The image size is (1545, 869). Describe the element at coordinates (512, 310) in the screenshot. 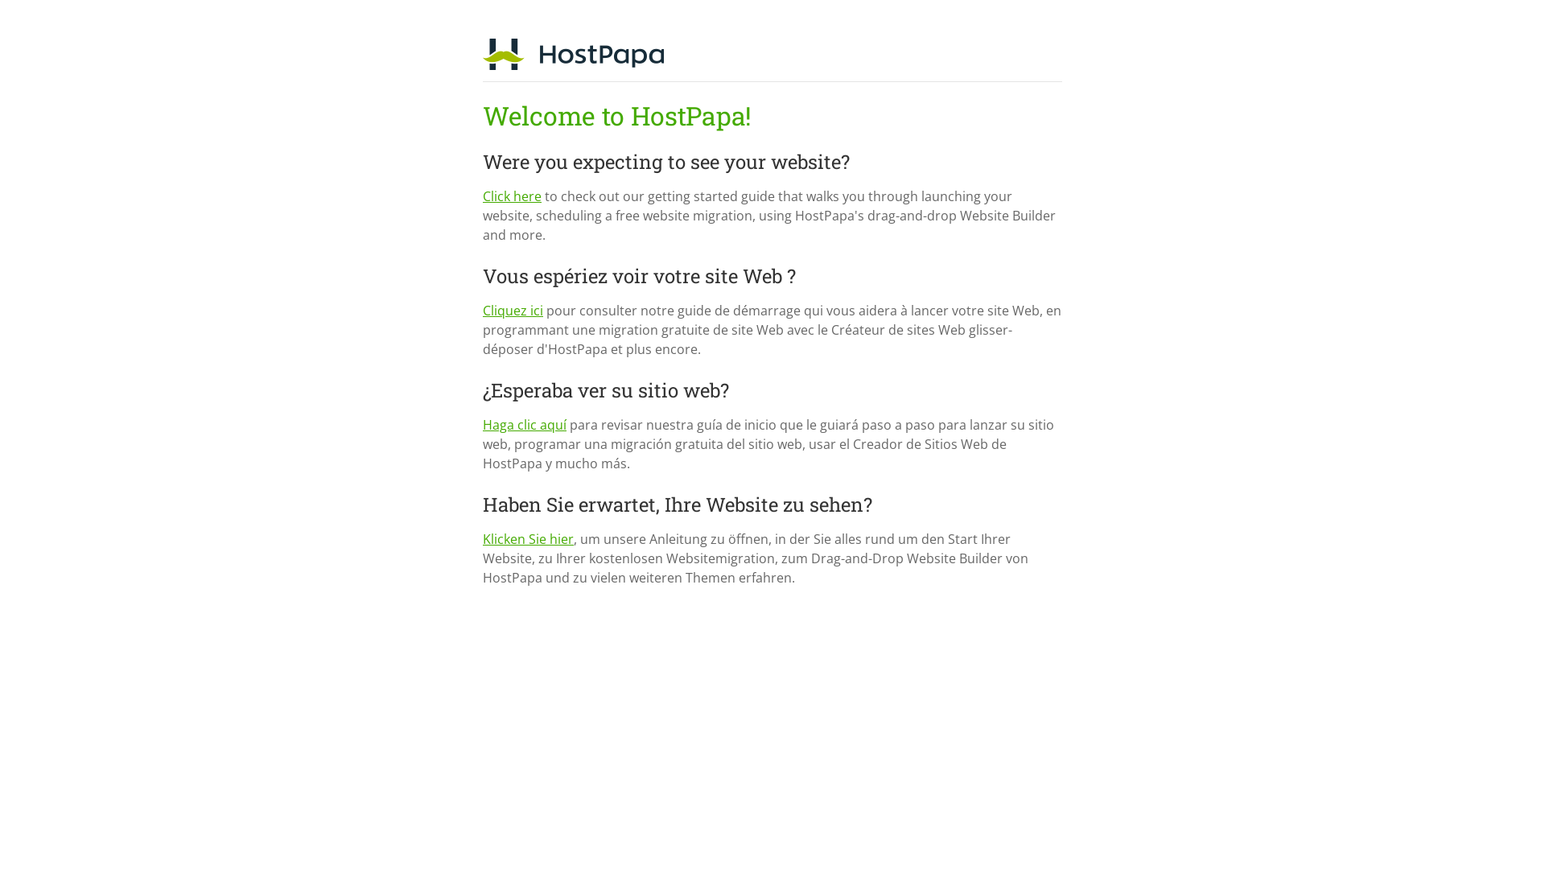

I see `'Cliquez ici'` at that location.